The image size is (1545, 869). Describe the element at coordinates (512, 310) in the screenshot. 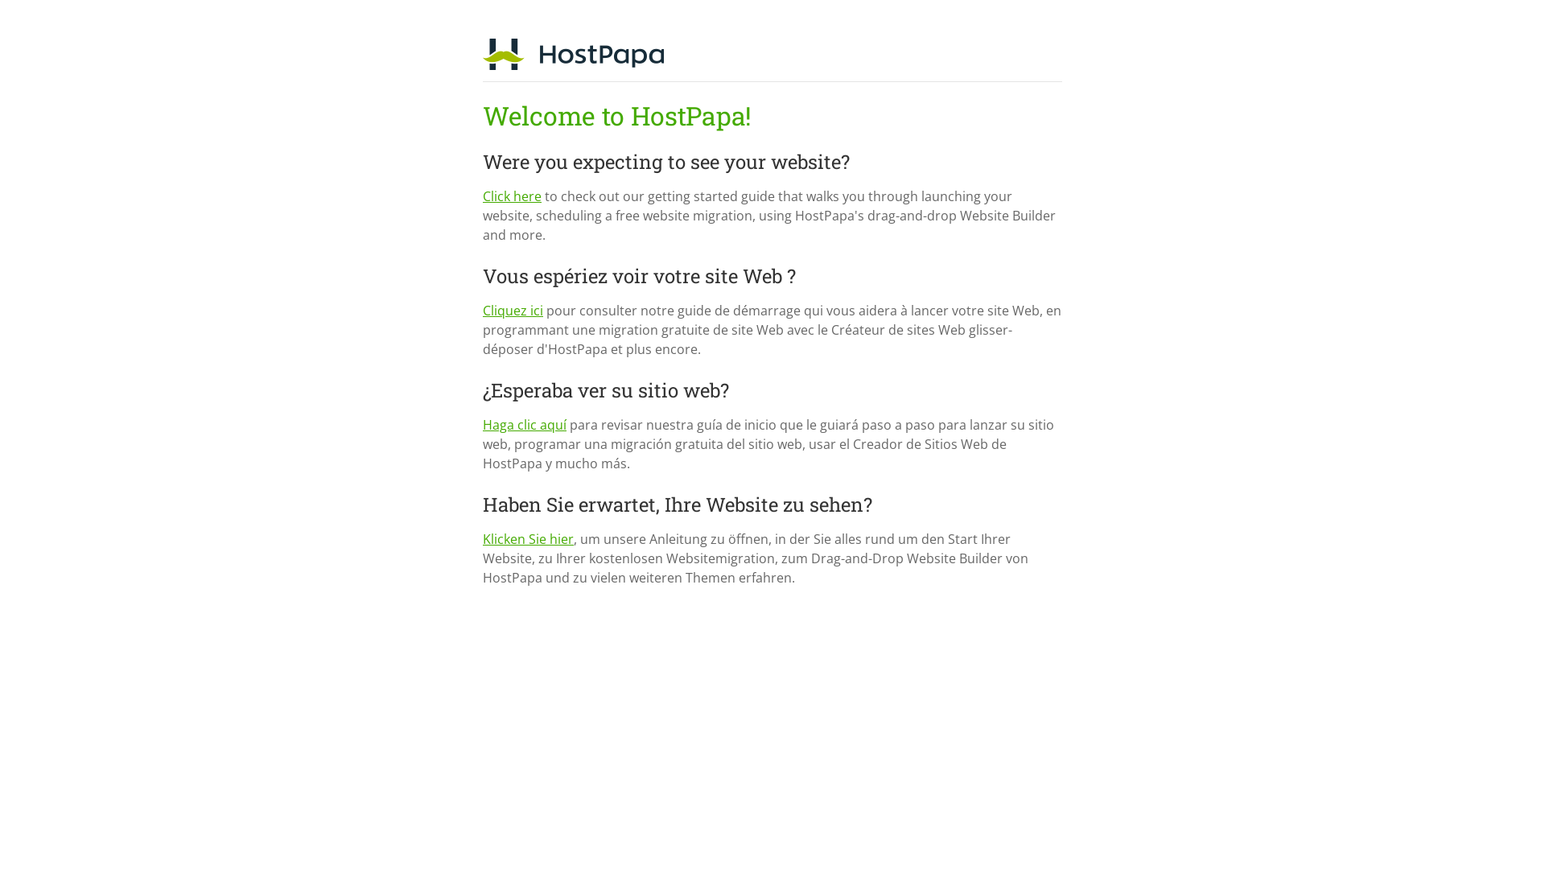

I see `'Cliquez ici'` at that location.